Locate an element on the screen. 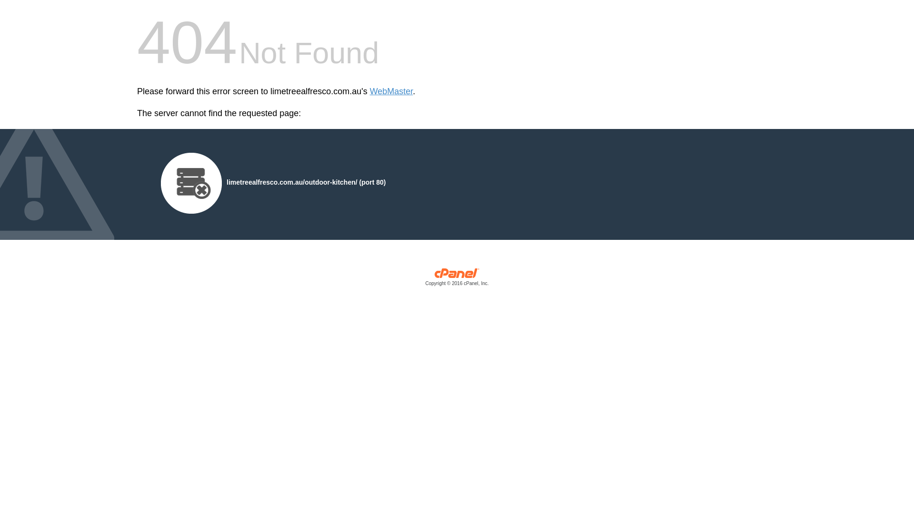  'WebMaster' is located at coordinates (391, 91).